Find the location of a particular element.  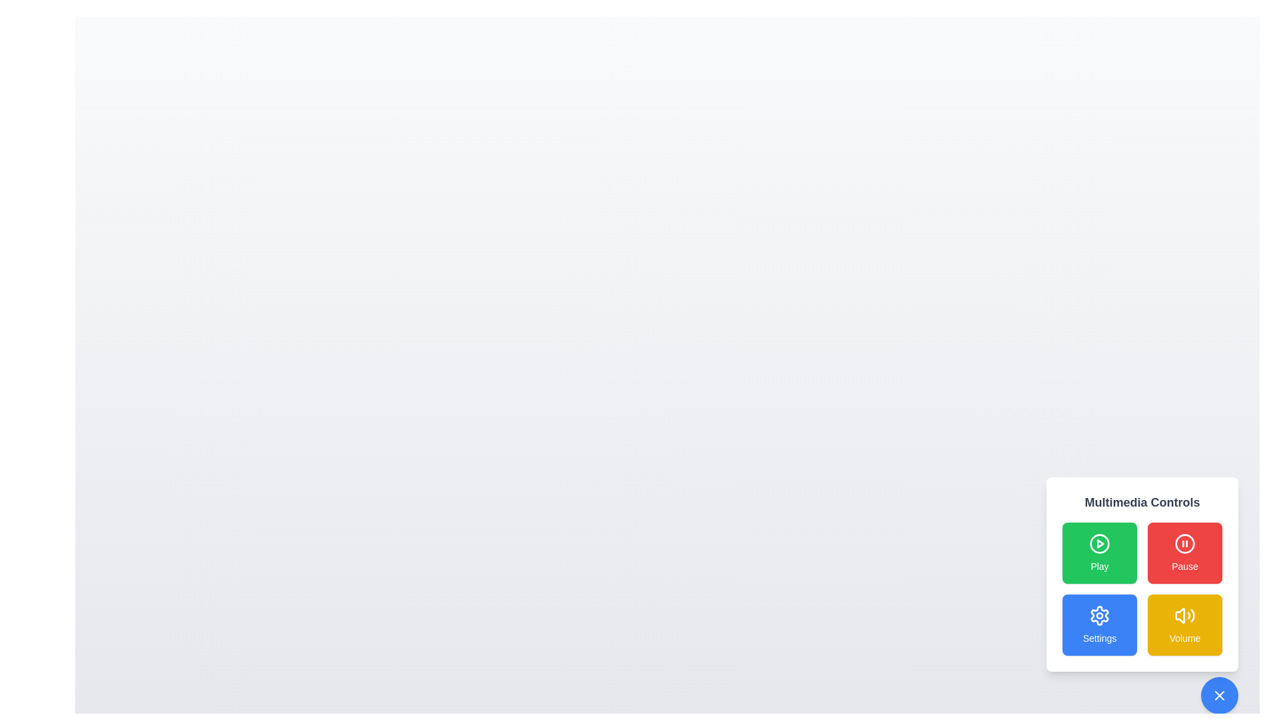

the inner red triangle icon within the green 'Play' button located on the multimedia control panel is located at coordinates (1100, 544).